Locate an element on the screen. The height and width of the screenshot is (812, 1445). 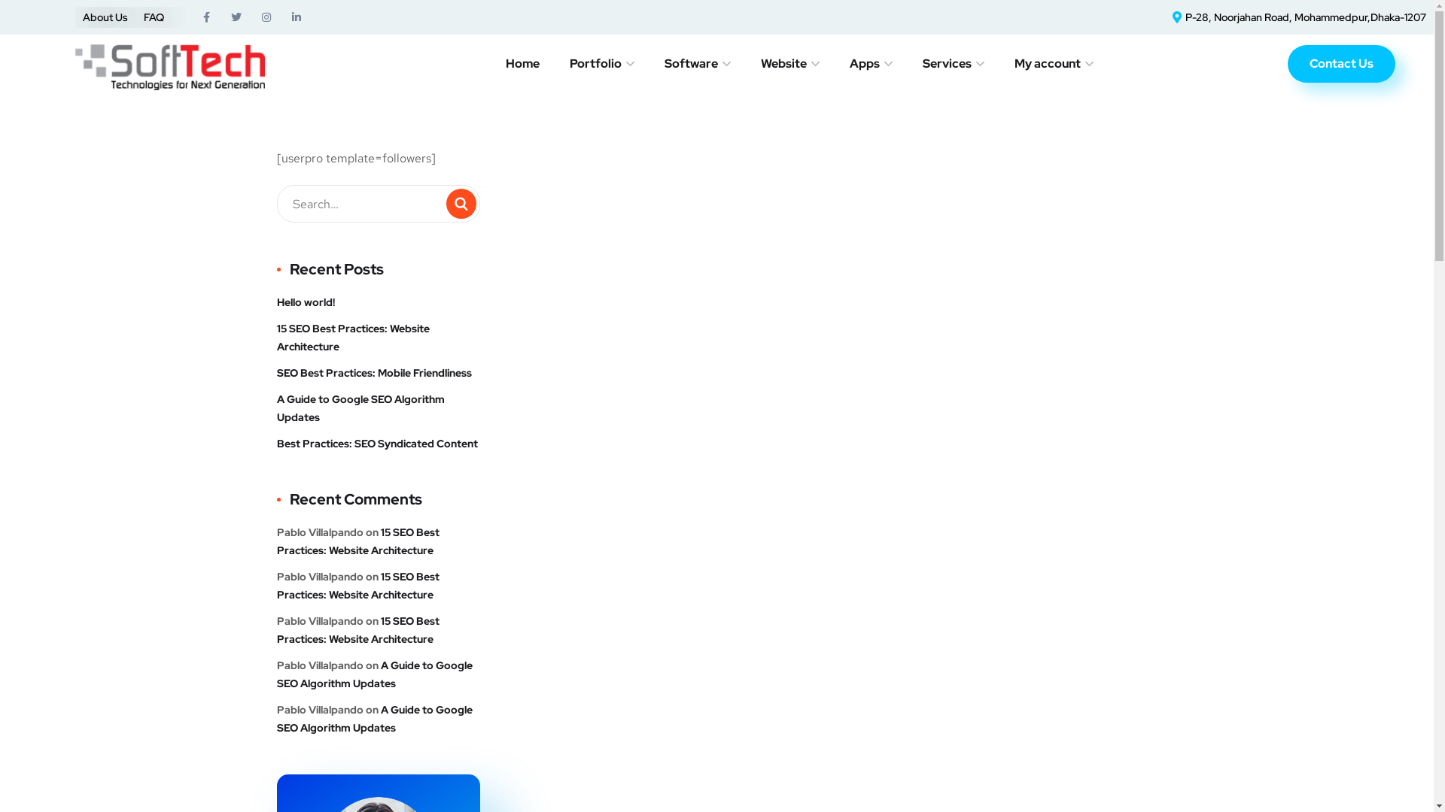
'P-28, Noorjahan Road, Mohammedpur,Dhaka-1207' is located at coordinates (1295, 17).